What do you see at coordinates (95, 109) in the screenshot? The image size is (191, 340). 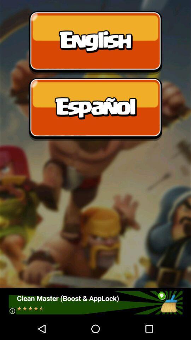 I see `choose spanish` at bounding box center [95, 109].